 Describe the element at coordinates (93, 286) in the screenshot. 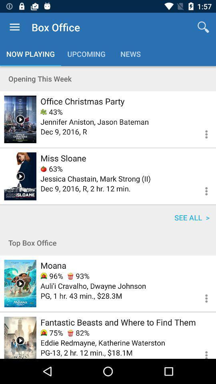

I see `the item below 96%` at that location.